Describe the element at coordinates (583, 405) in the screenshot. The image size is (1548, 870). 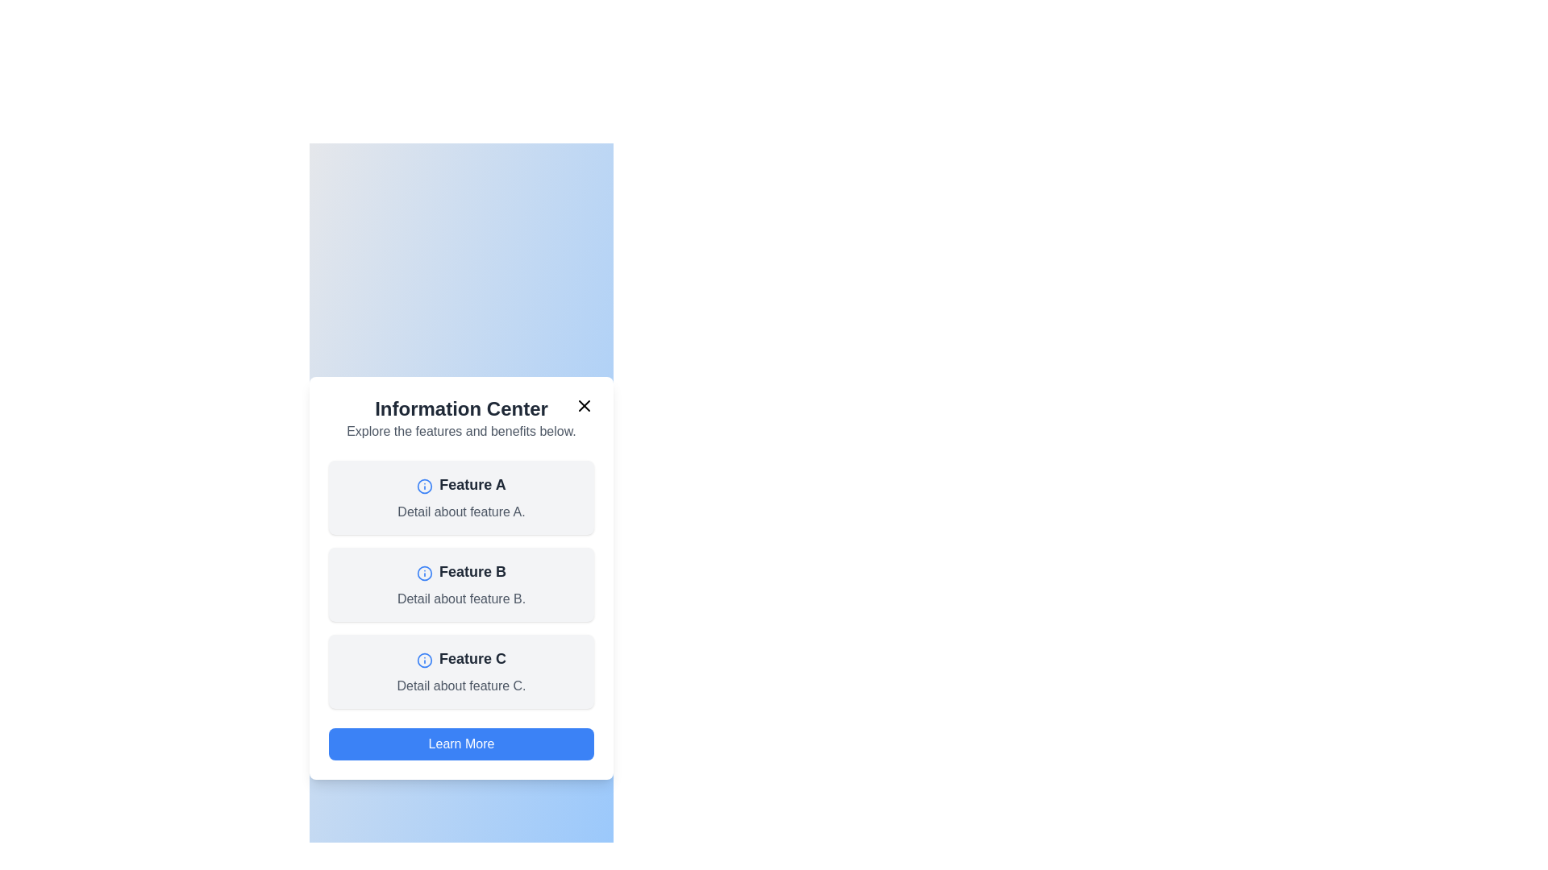
I see `close button (X) to close the dialog` at that location.